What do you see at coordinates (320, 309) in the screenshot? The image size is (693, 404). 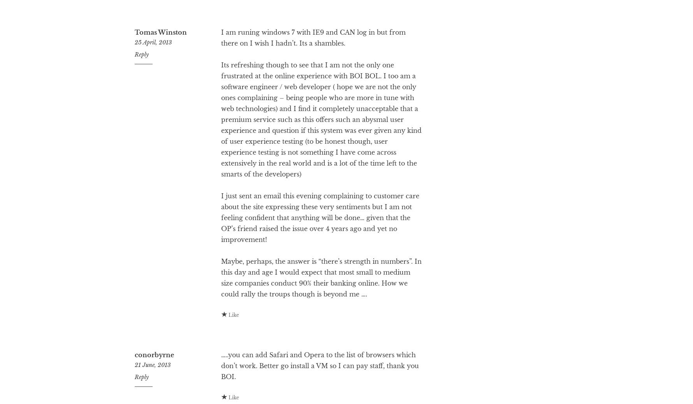 I see `'Maybe, perhaps, the answer is “there’s strength in numbers”. In this day and age I would expect that most small to medium size companies conduct 90% their banking online. How we could rally the troups though is beyond me ….'` at bounding box center [320, 309].